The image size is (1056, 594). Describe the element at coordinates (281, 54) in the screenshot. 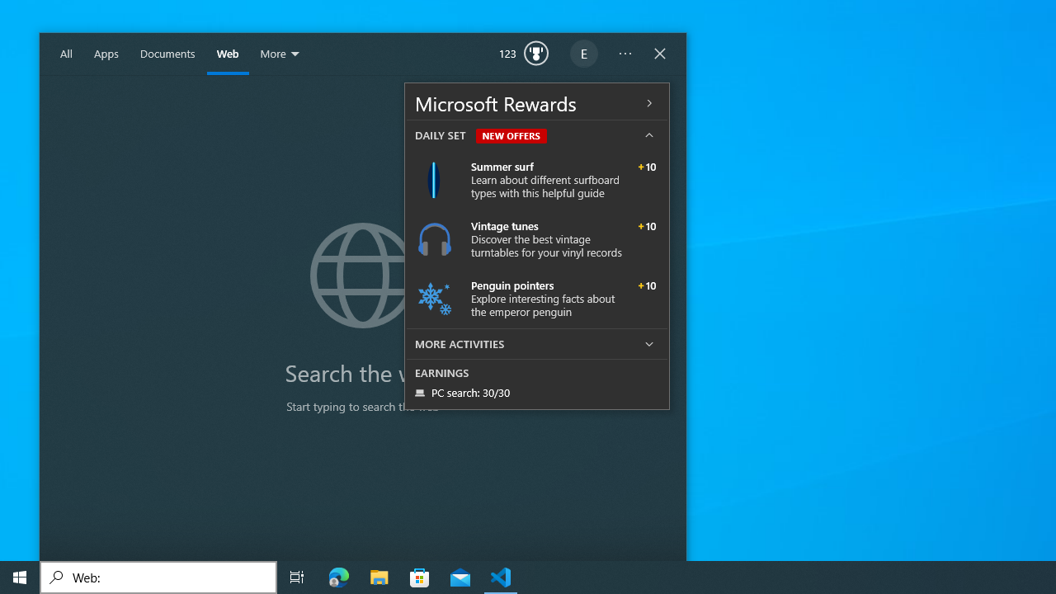

I see `'More'` at that location.